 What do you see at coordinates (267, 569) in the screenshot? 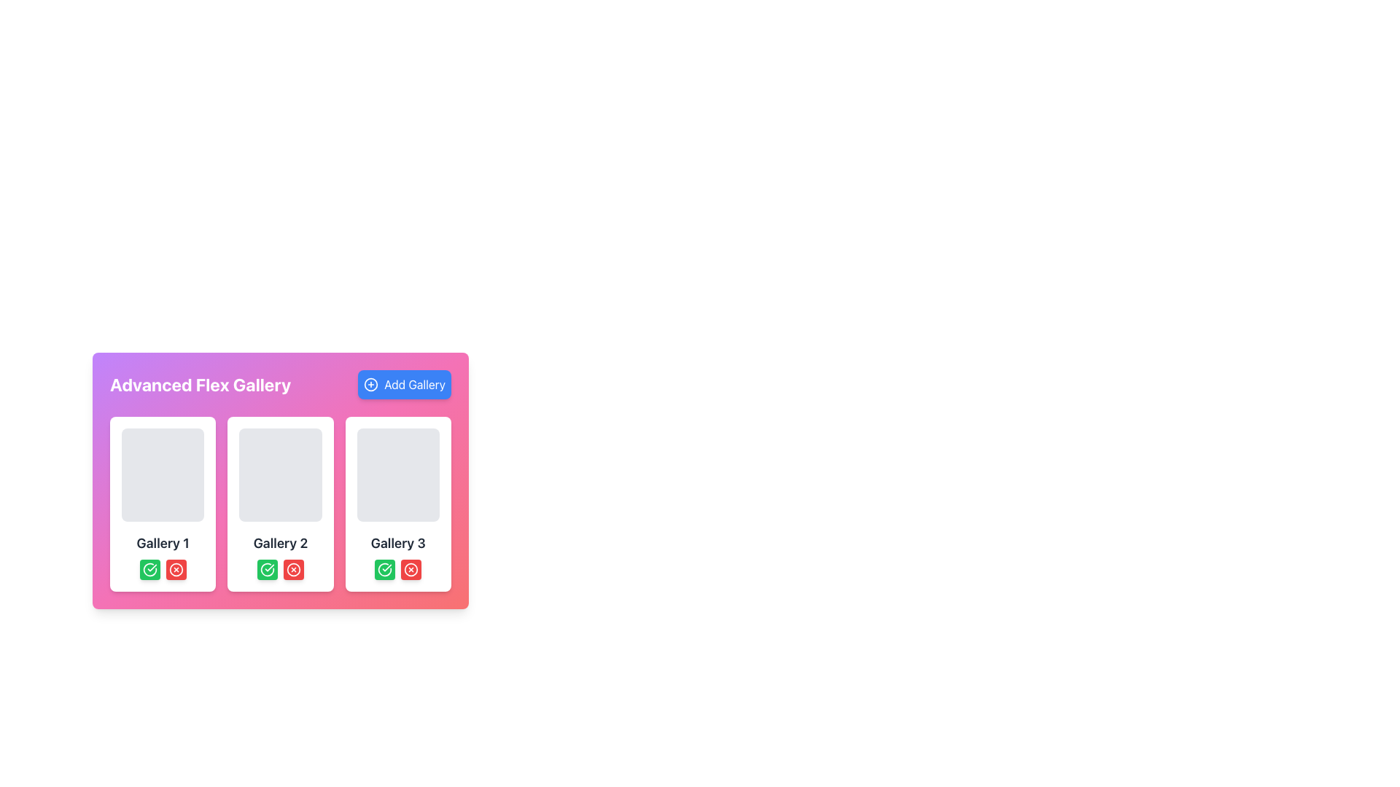
I see `the leftmost confirmation button in the 'Gallery 2' section` at bounding box center [267, 569].